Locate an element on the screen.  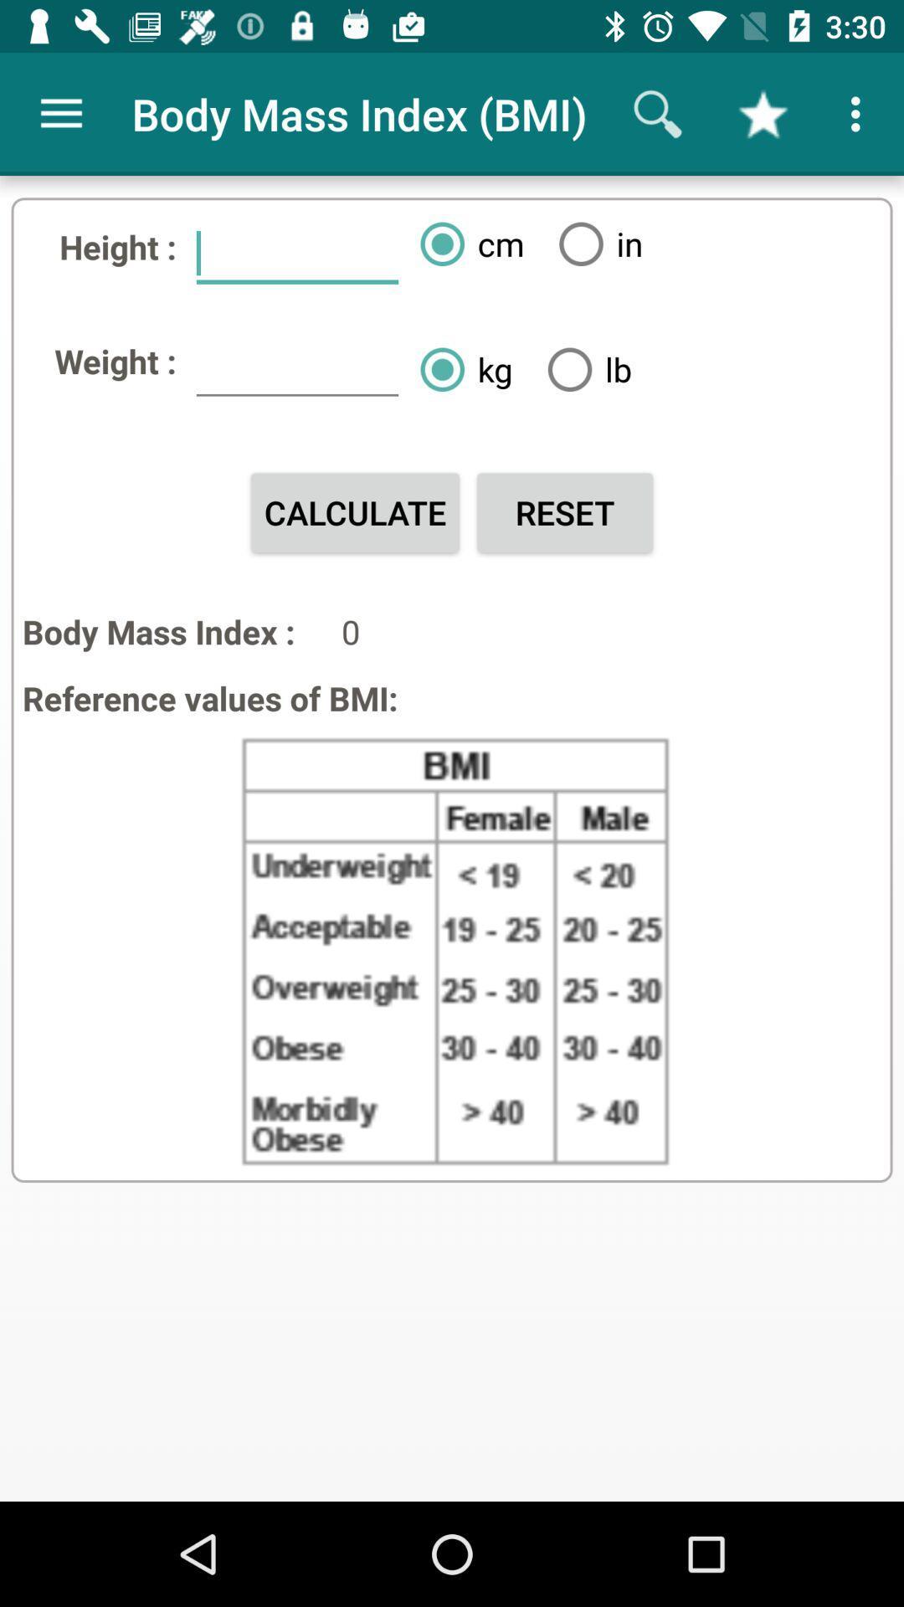
icon above 0 item is located at coordinates (565, 511).